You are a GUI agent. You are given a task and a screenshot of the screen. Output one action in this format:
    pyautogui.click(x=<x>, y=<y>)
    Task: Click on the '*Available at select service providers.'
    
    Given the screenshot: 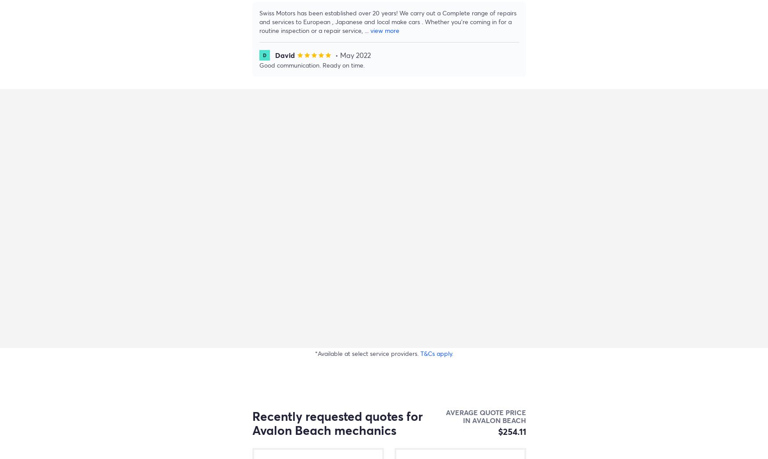 What is the action you would take?
    pyautogui.click(x=367, y=353)
    